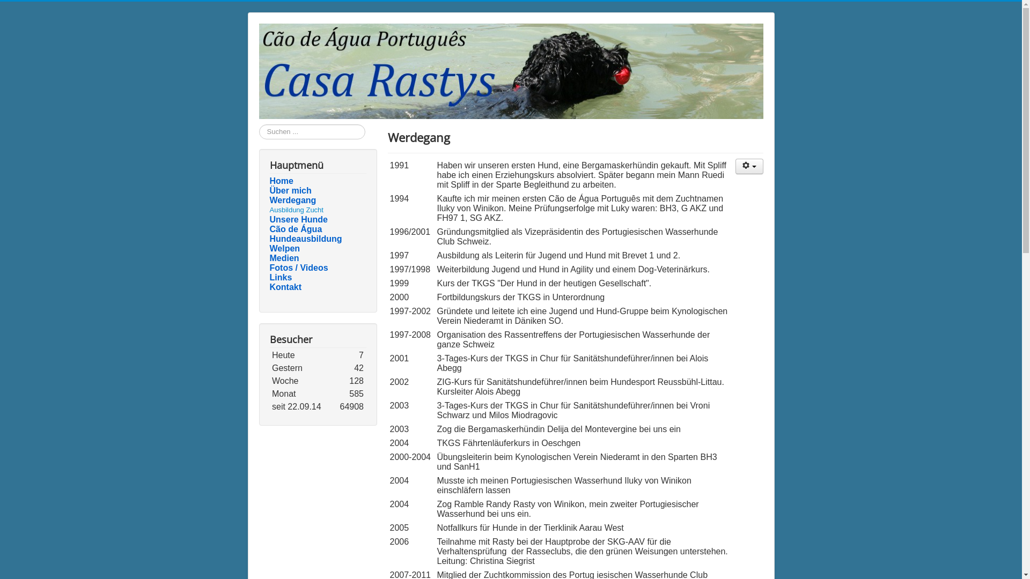  Describe the element at coordinates (317, 248) in the screenshot. I see `'Welpen'` at that location.